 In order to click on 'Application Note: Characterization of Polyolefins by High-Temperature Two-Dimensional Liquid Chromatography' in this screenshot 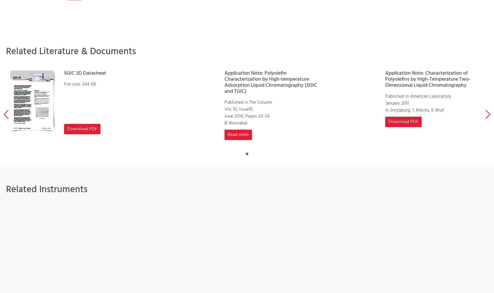, I will do `click(427, 79)`.